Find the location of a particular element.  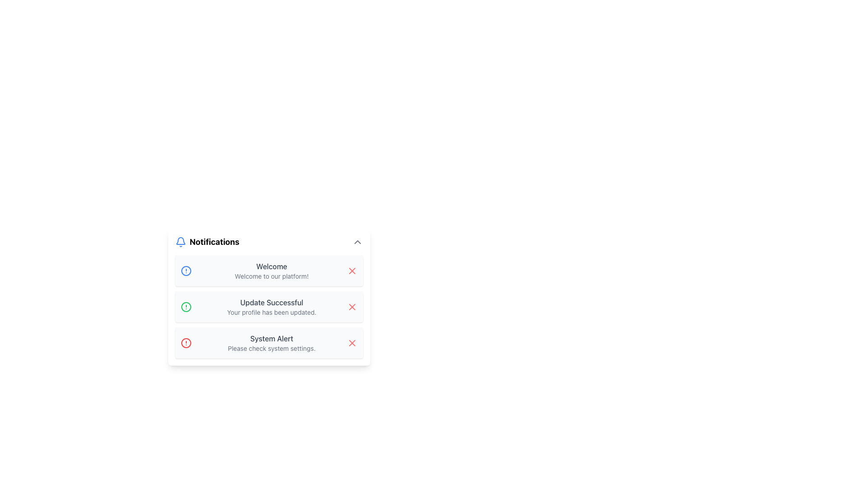

the Text Label that confirms the profile update, which is located below the 'Update Successful' text in the notification card is located at coordinates (271, 312).